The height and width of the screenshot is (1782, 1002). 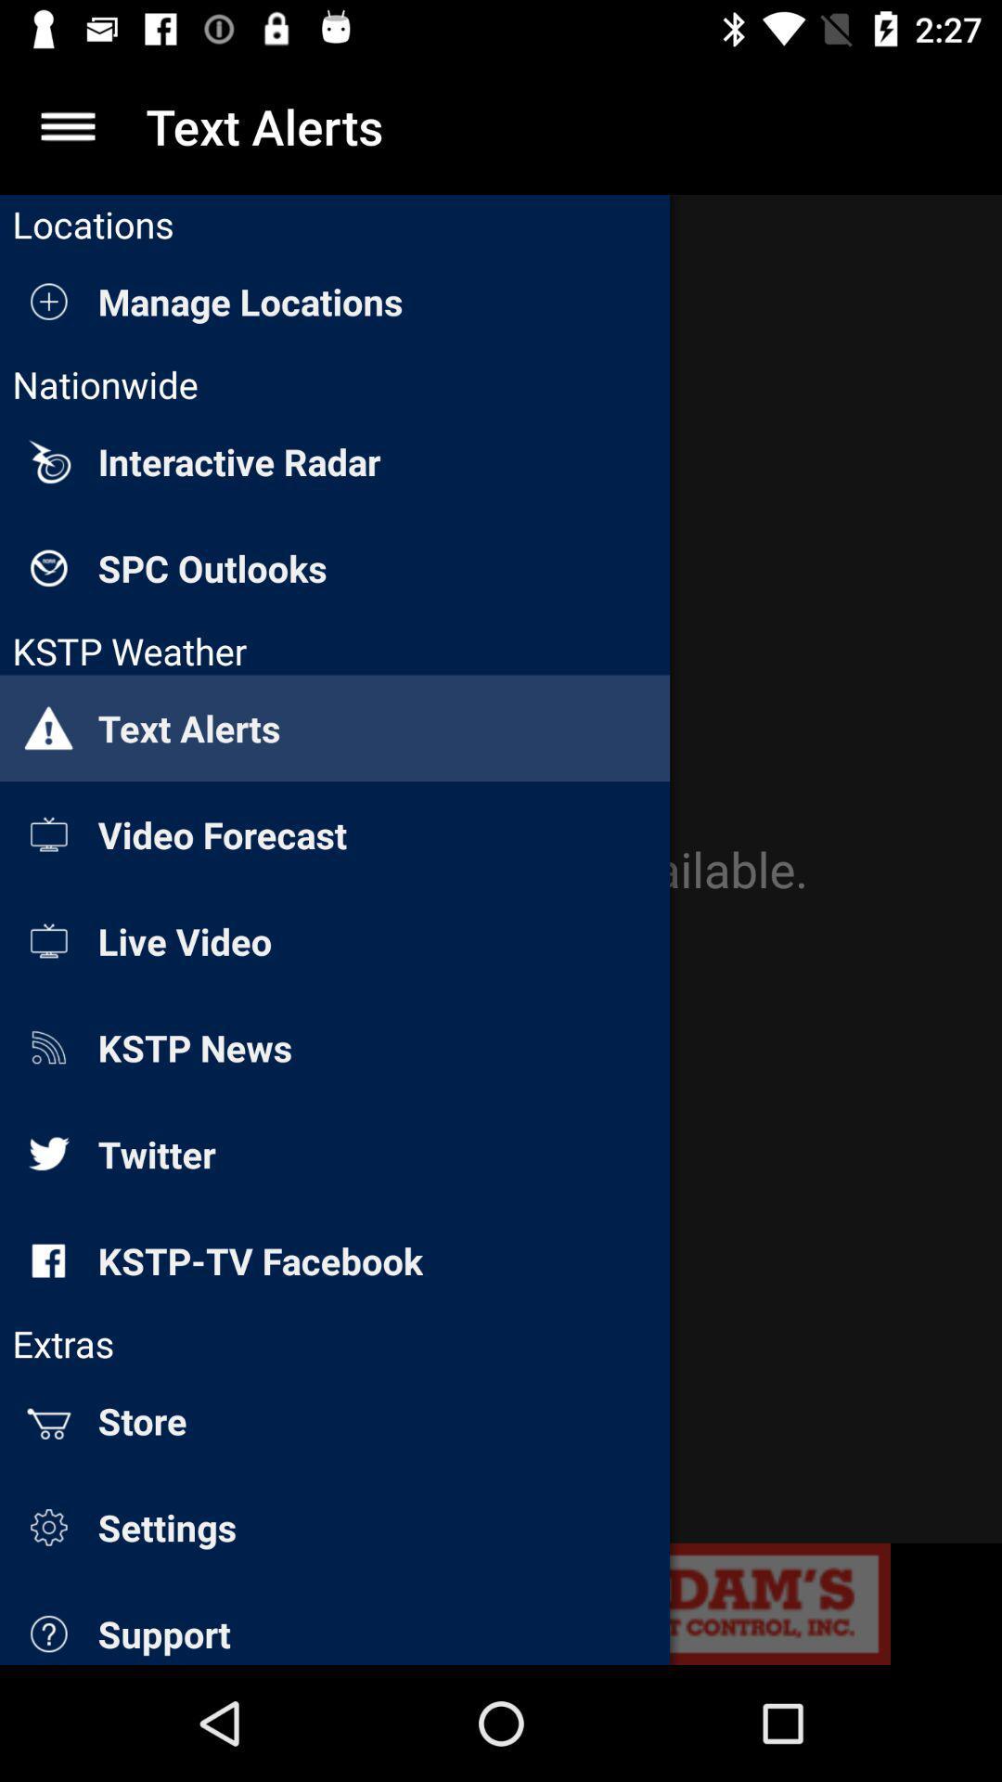 I want to click on open menu, so click(x=67, y=125).